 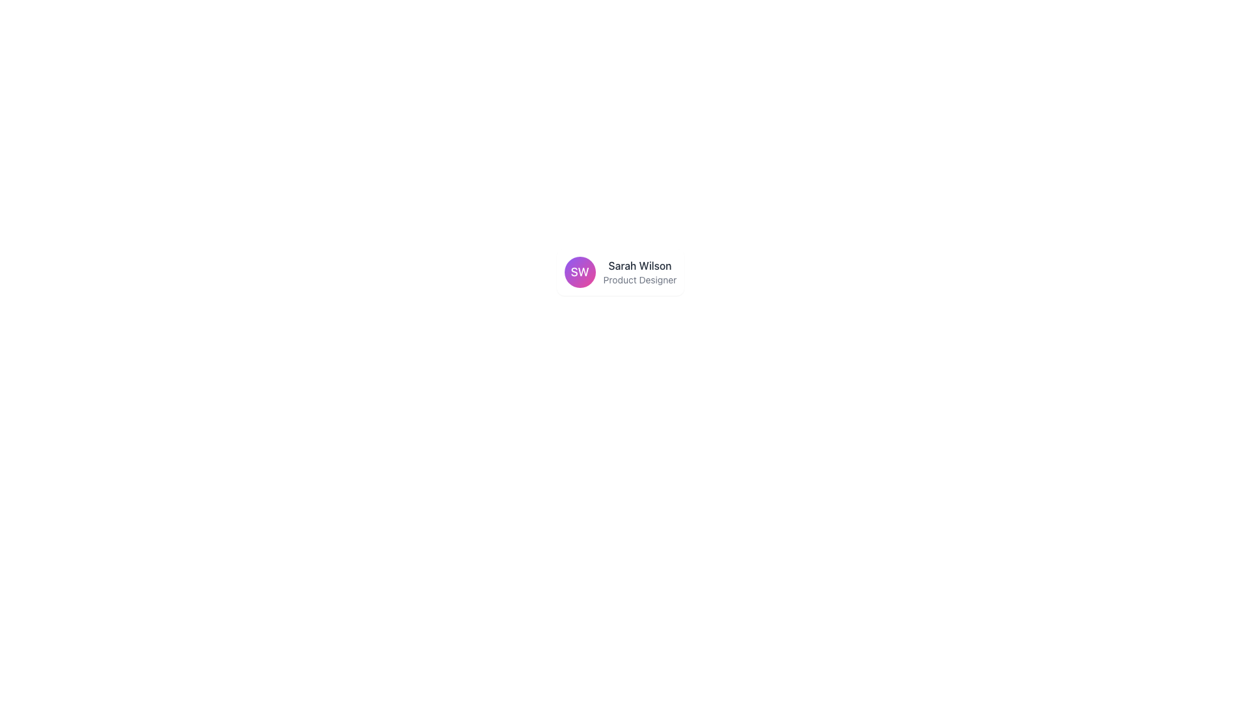 What do you see at coordinates (639, 279) in the screenshot?
I see `text content of the label located directly beneath the 'Sarah Wilson' text, which displays a title or role description associated with her` at bounding box center [639, 279].